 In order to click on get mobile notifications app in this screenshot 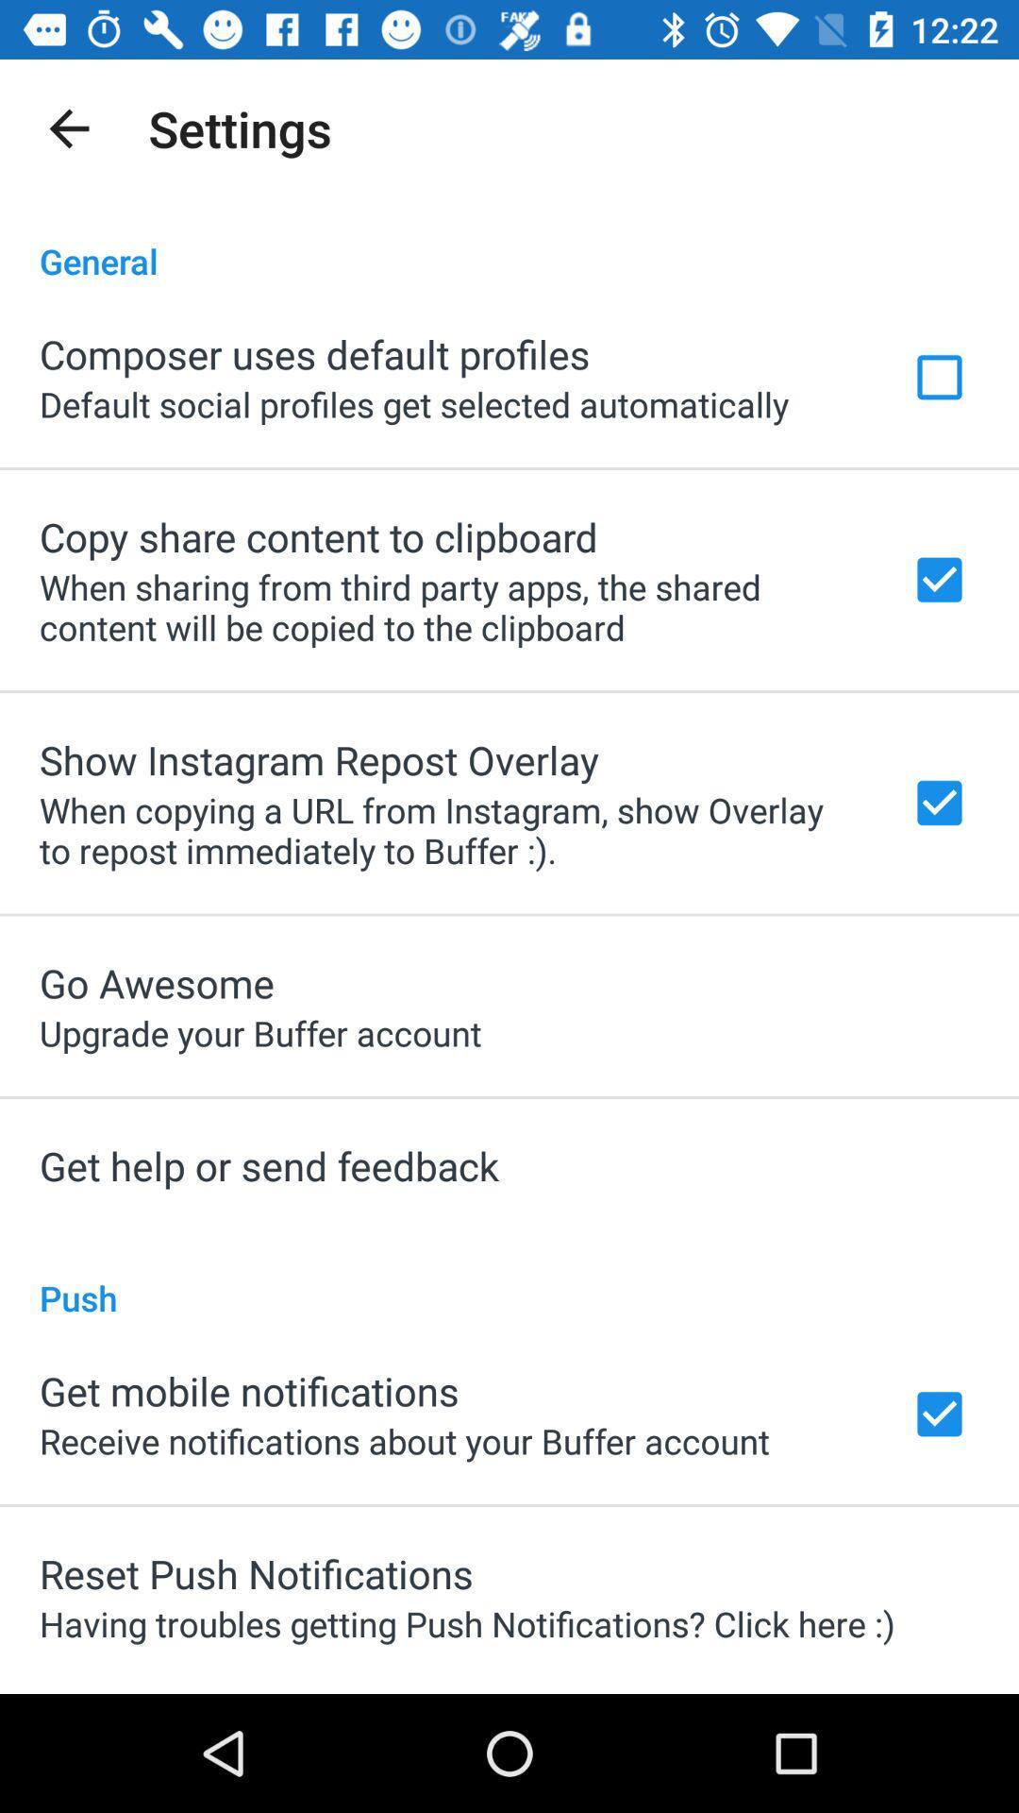, I will do `click(248, 1391)`.